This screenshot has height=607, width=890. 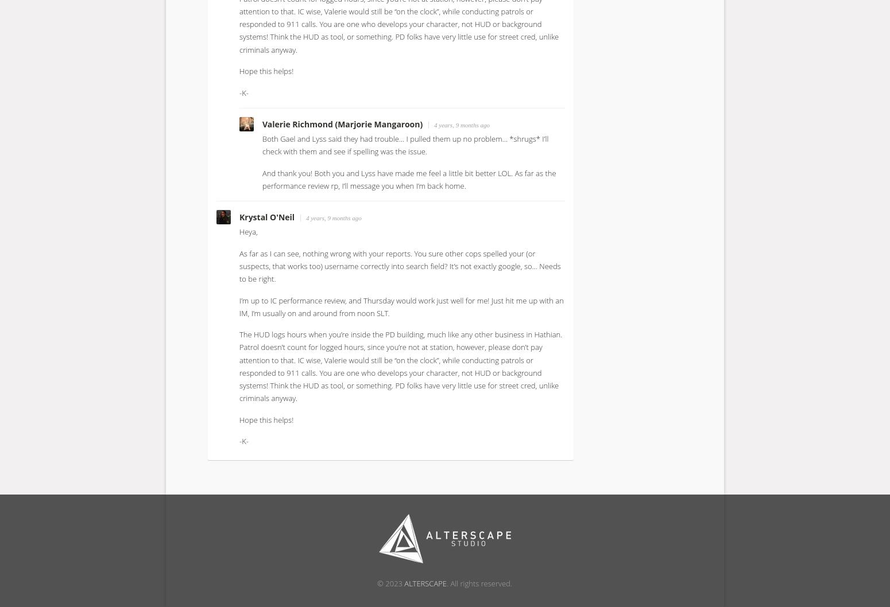 What do you see at coordinates (267, 217) in the screenshot?
I see `'Krystal O'Neil'` at bounding box center [267, 217].